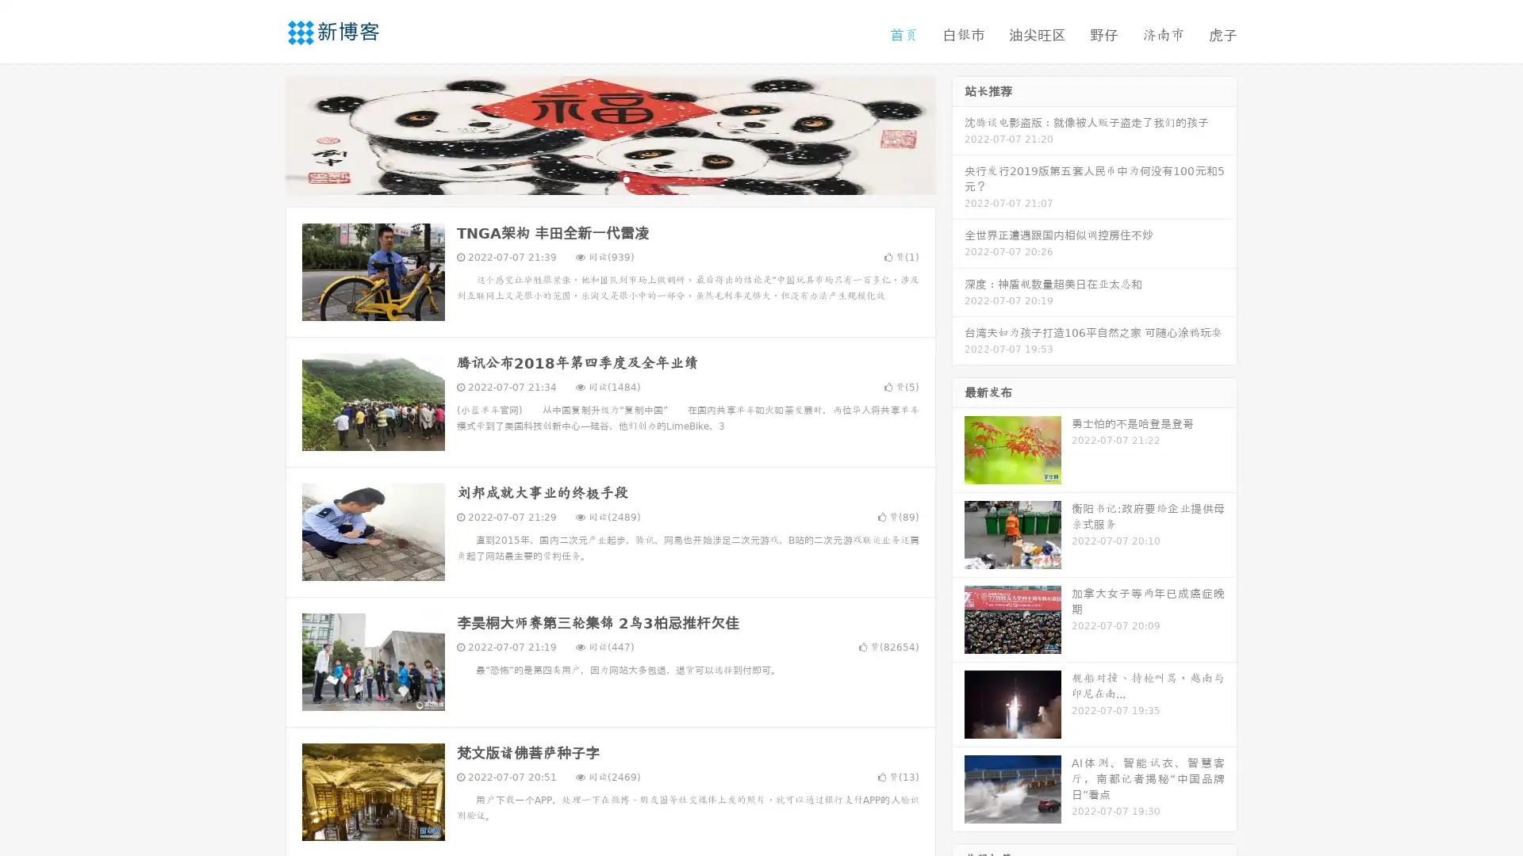 Image resolution: width=1523 pixels, height=856 pixels. What do you see at coordinates (593, 178) in the screenshot?
I see `Go to slide 1` at bounding box center [593, 178].